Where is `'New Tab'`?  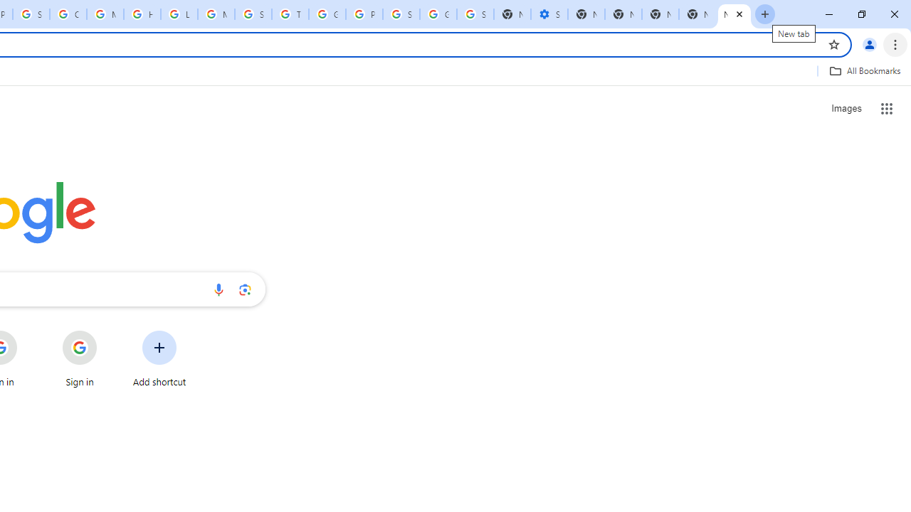
'New Tab' is located at coordinates (697, 14).